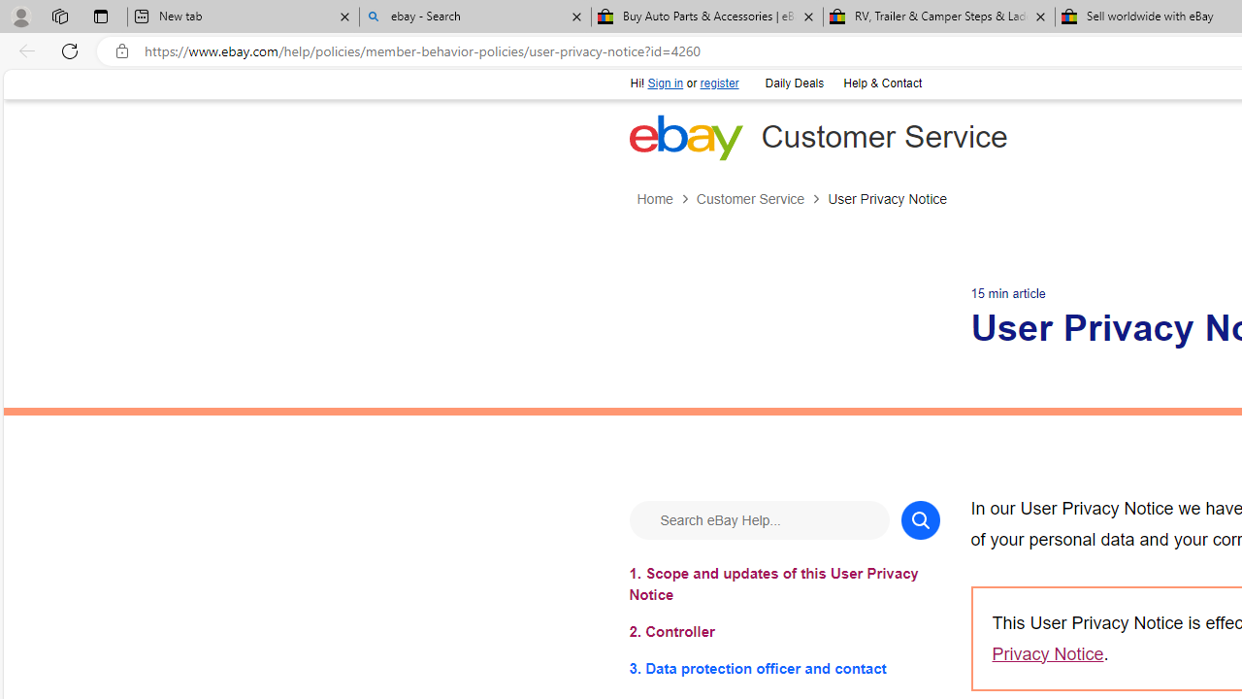 The width and height of the screenshot is (1242, 699). I want to click on 'RV, Trailer & Camper Steps & Ladders for sale | eBay', so click(938, 17).